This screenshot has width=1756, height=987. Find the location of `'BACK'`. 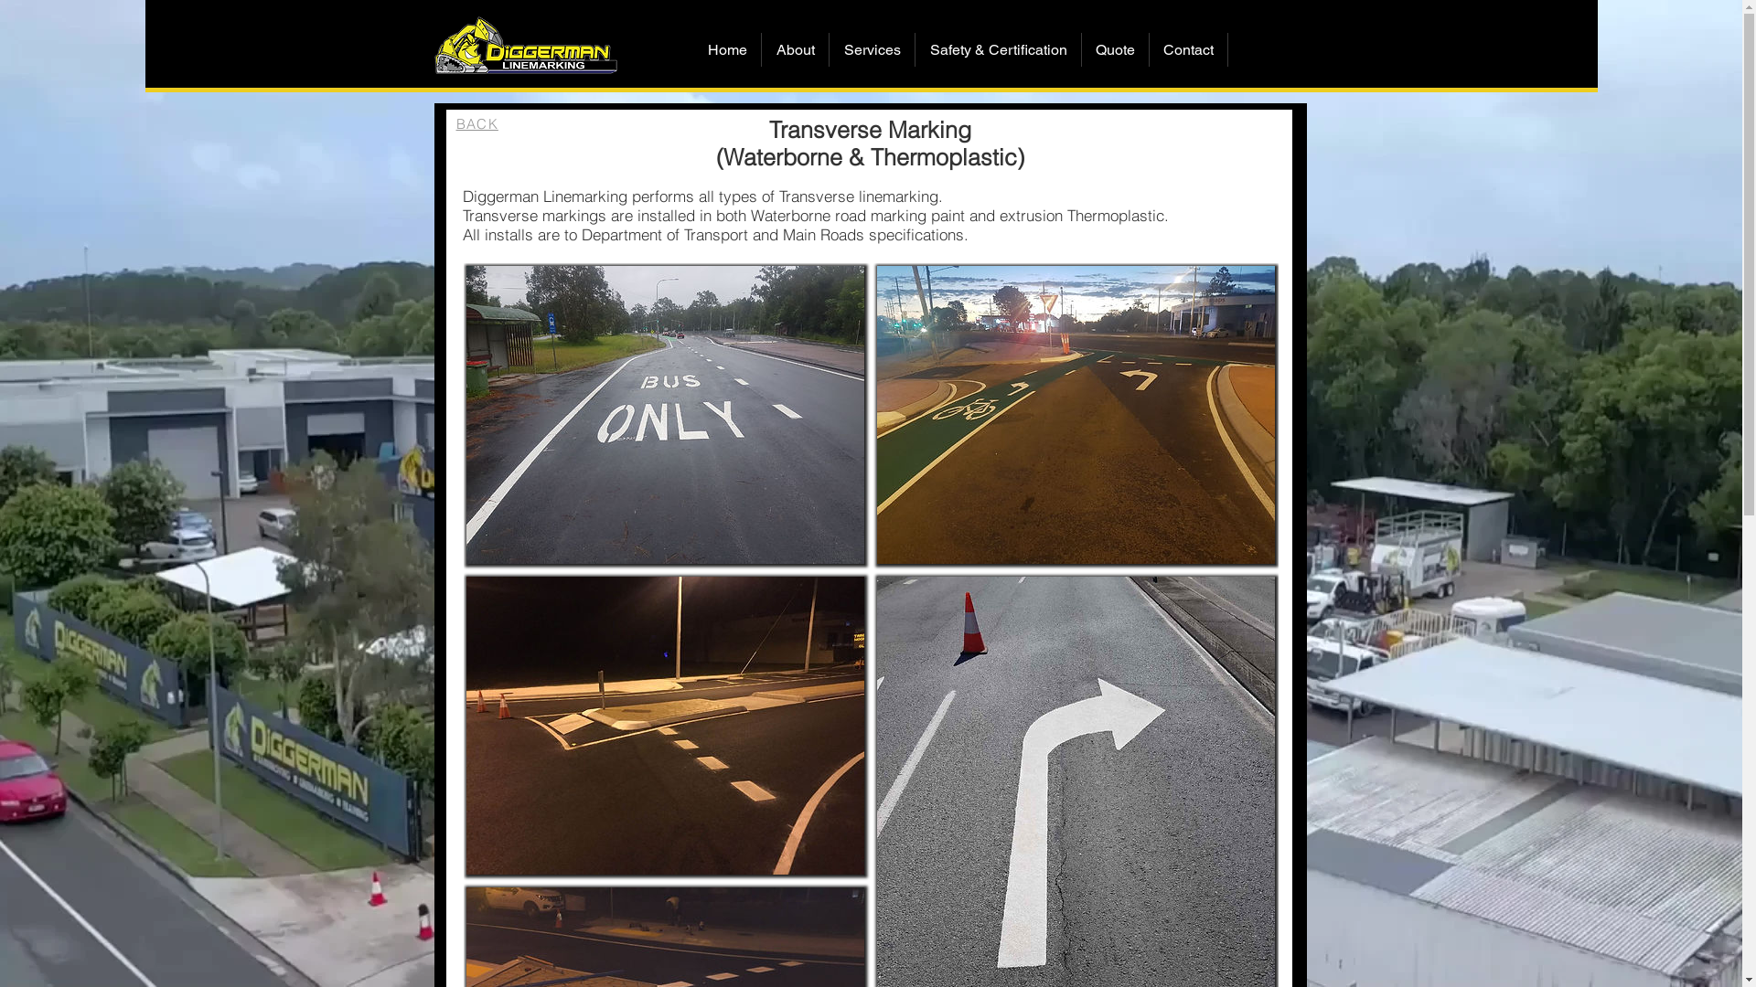

'BACK' is located at coordinates (476, 123).